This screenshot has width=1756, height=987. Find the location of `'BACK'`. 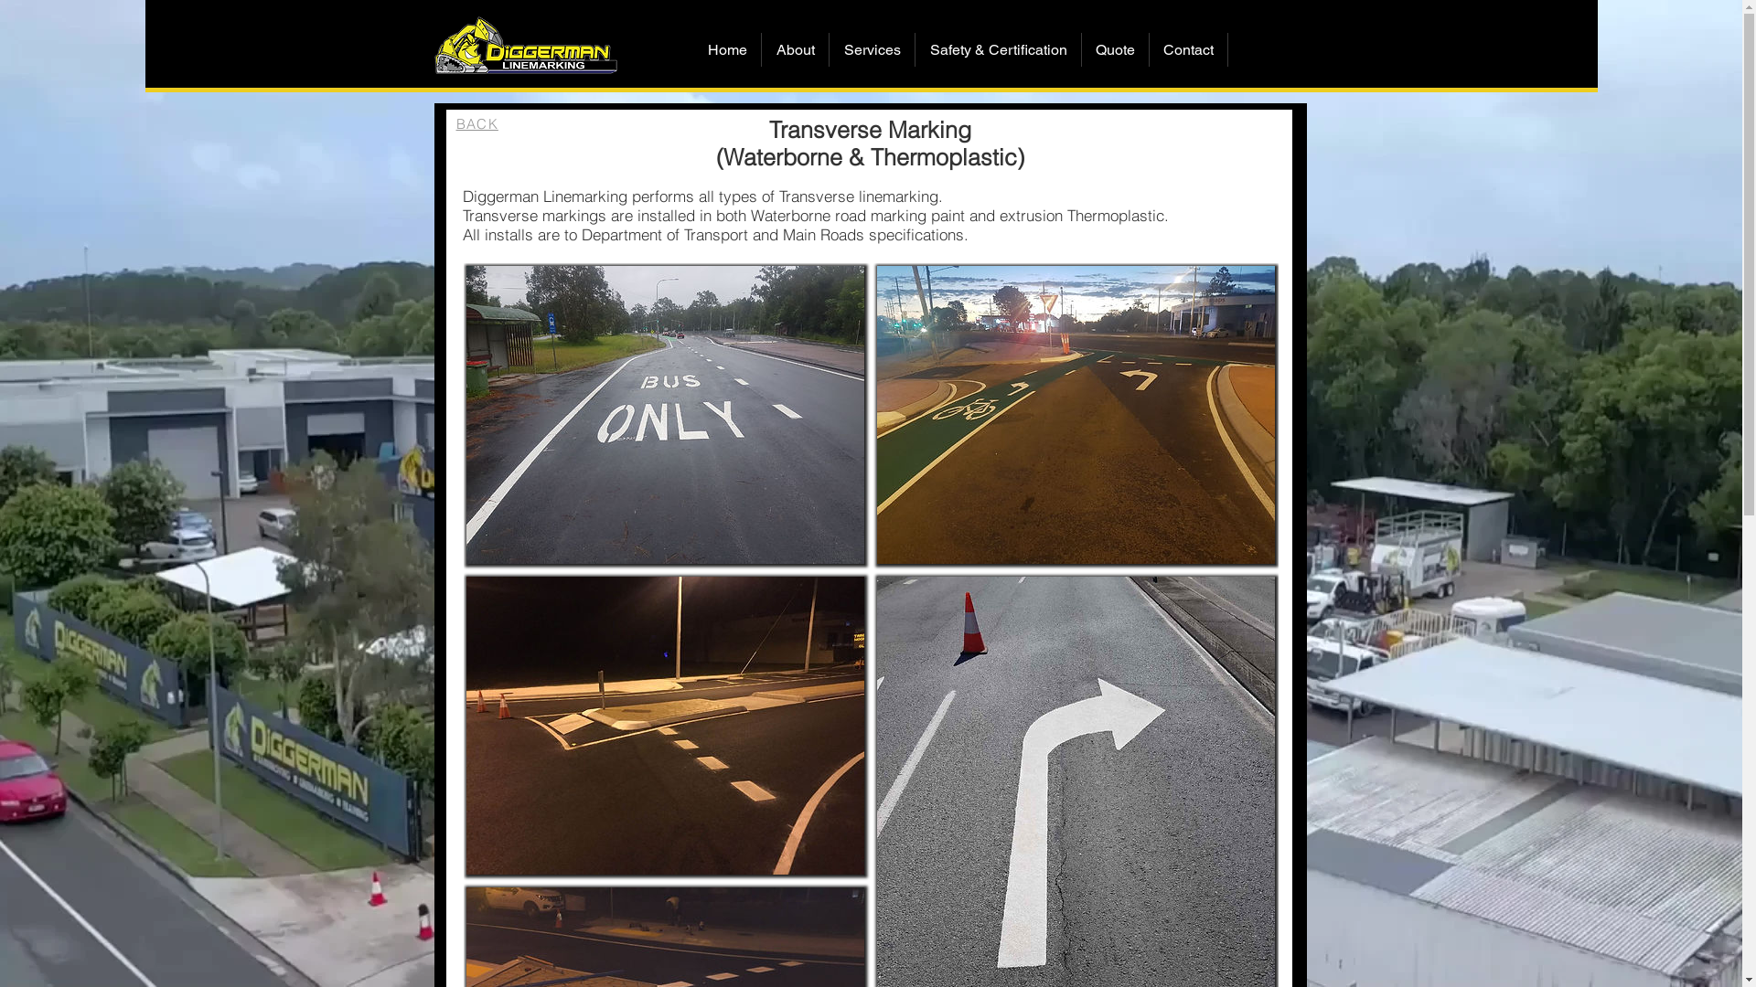

'BACK' is located at coordinates (476, 123).